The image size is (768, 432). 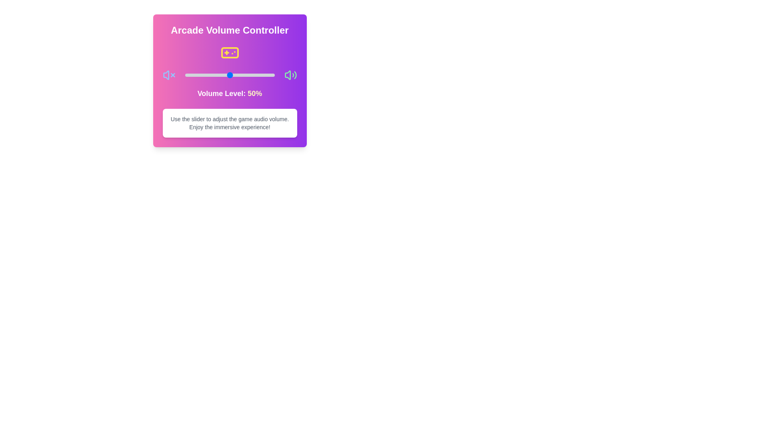 What do you see at coordinates (230, 75) in the screenshot?
I see `the volume to 51% by dragging the slider` at bounding box center [230, 75].